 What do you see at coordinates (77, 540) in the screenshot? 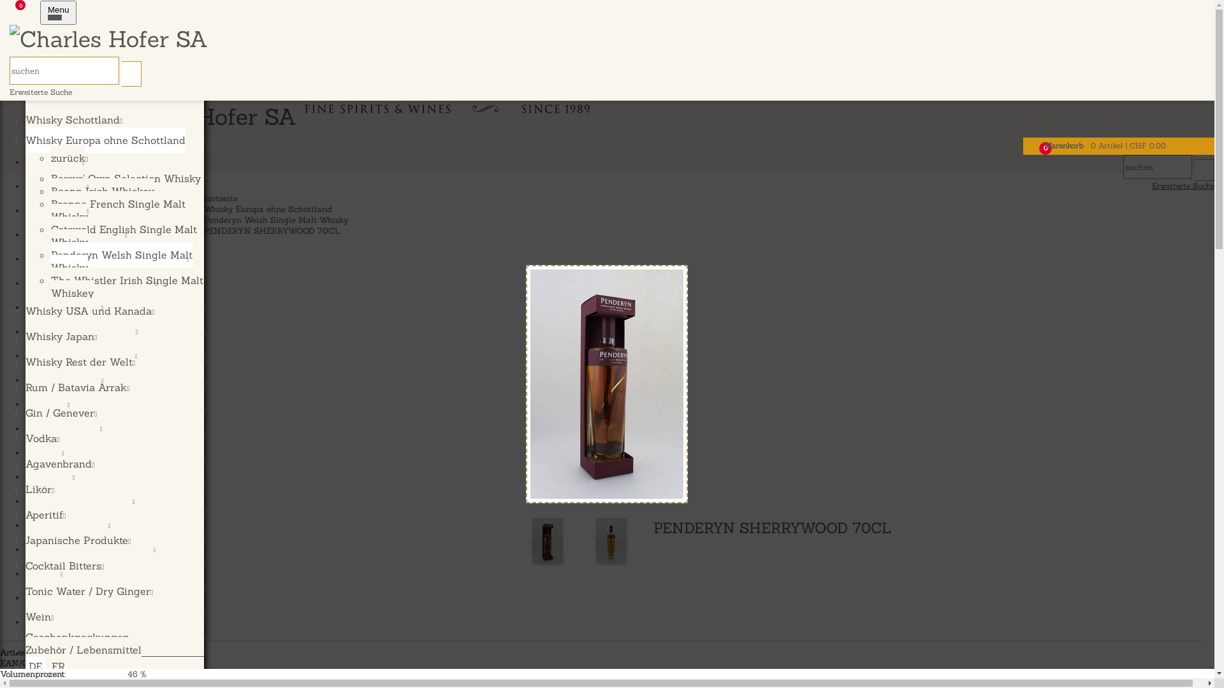
I see `'Japanische Produkte'` at bounding box center [77, 540].